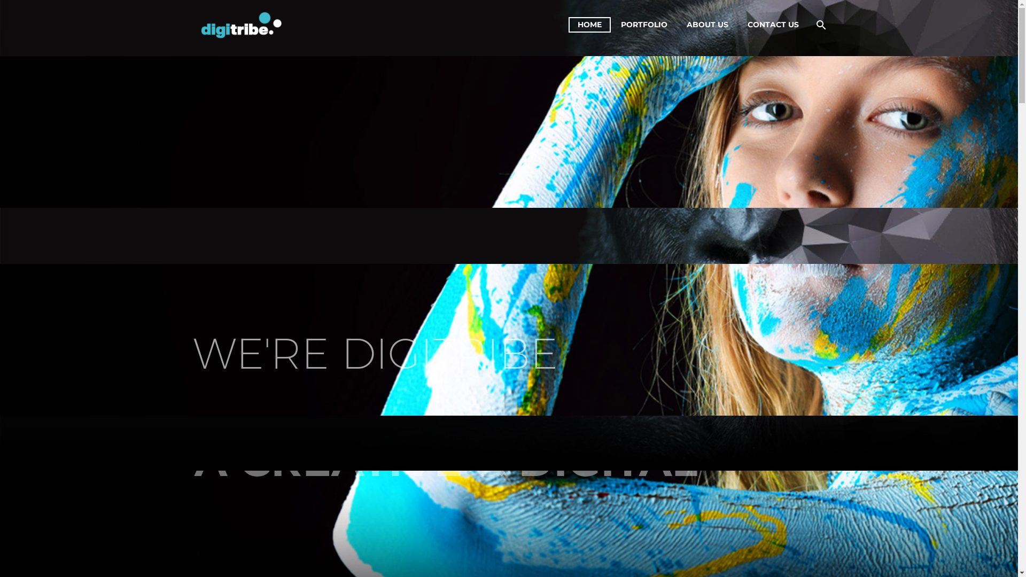 The height and width of the screenshot is (577, 1026). What do you see at coordinates (643, 24) in the screenshot?
I see `'PORTFOLIO'` at bounding box center [643, 24].